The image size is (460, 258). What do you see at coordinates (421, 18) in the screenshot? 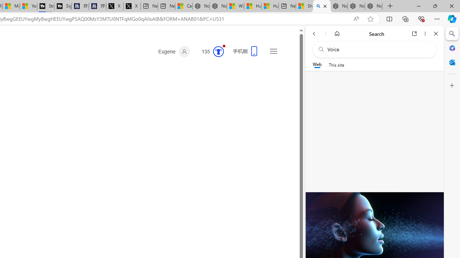
I see `'Browser essentials'` at bounding box center [421, 18].